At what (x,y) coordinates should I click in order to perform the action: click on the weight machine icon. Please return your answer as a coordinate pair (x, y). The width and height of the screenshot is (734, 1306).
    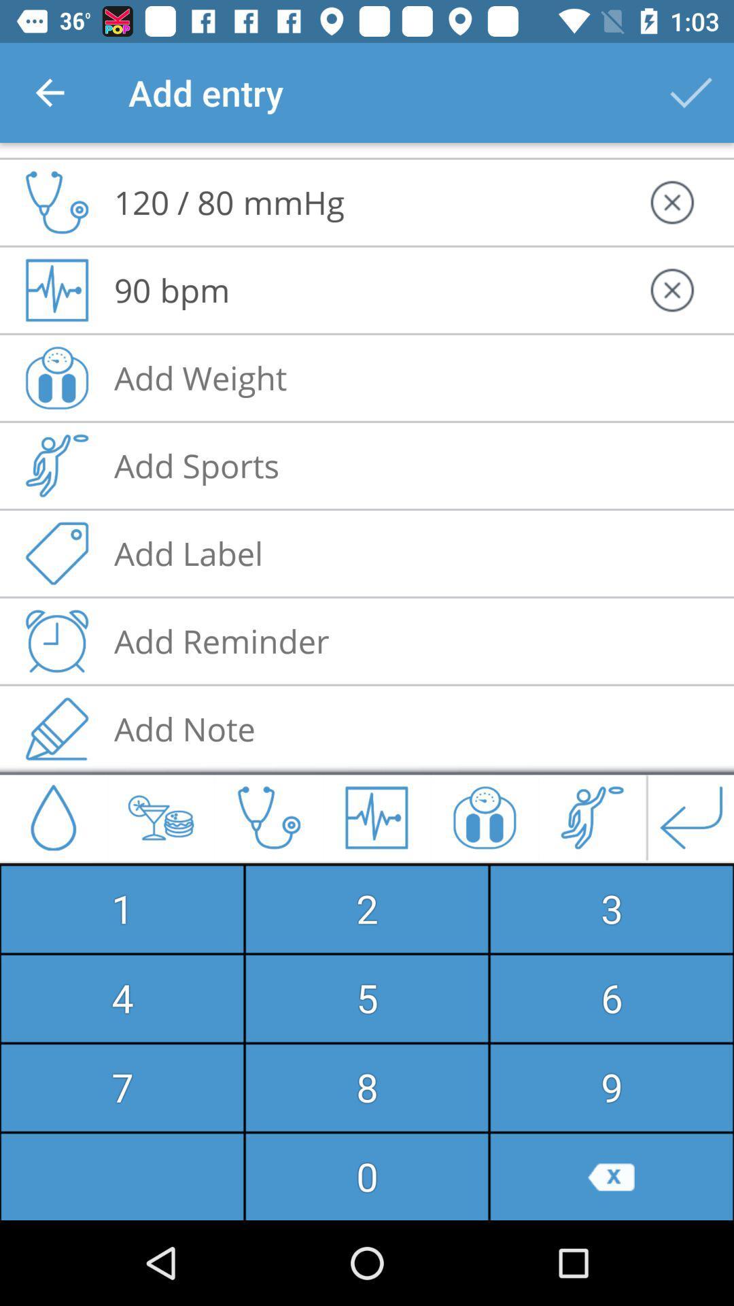
    Looking at the image, I should click on (484, 816).